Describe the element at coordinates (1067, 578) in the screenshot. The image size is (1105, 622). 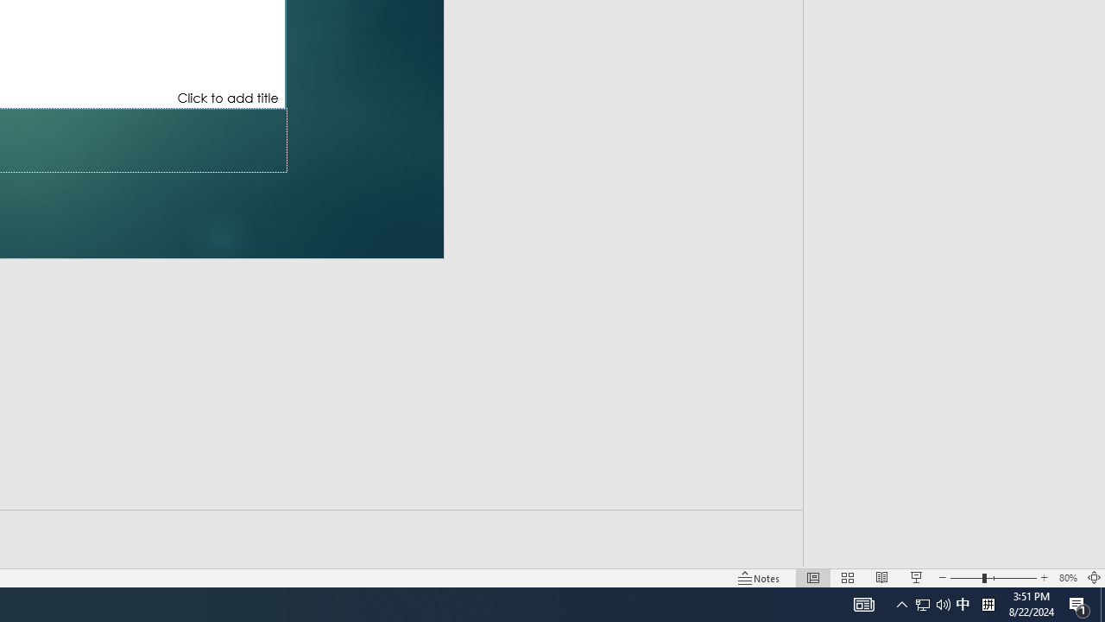
I see `'Zoom 80%'` at that location.